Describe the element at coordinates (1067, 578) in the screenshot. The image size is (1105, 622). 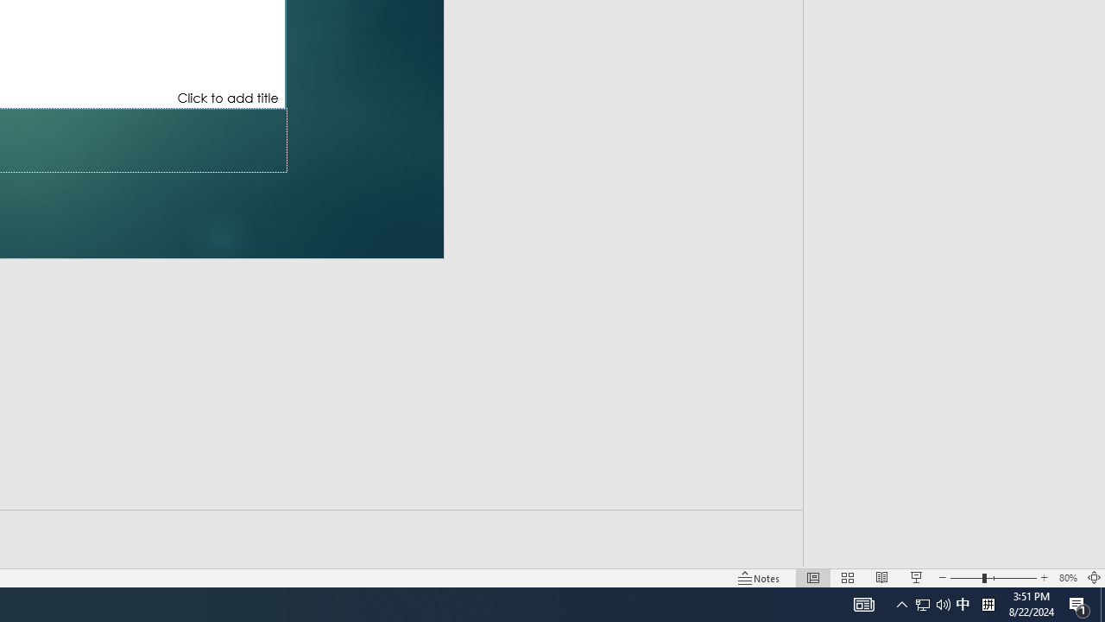
I see `'Zoom 80%'` at that location.